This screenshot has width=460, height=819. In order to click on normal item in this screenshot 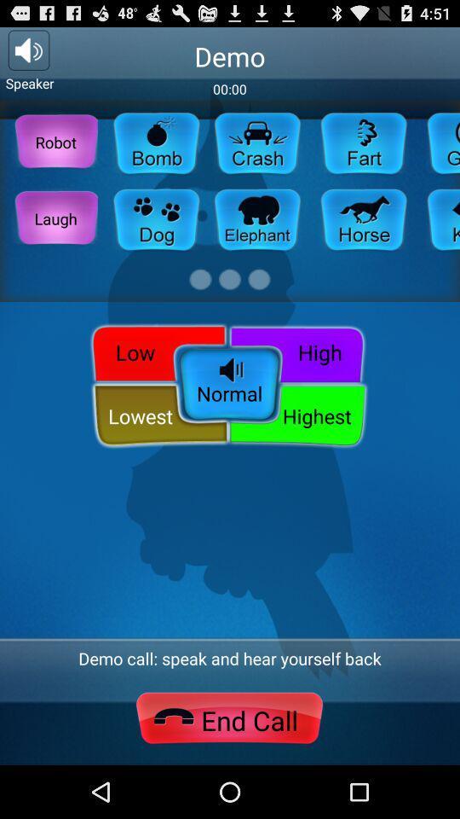, I will do `click(229, 386)`.